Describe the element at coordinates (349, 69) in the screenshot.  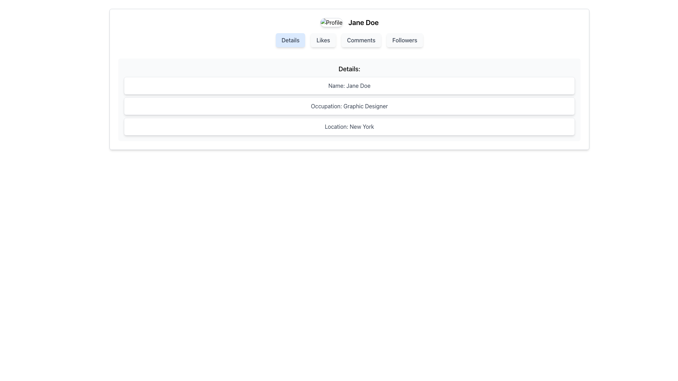
I see `text label 'Details:' which is displayed in large, bold font at the top-left of the section` at that location.